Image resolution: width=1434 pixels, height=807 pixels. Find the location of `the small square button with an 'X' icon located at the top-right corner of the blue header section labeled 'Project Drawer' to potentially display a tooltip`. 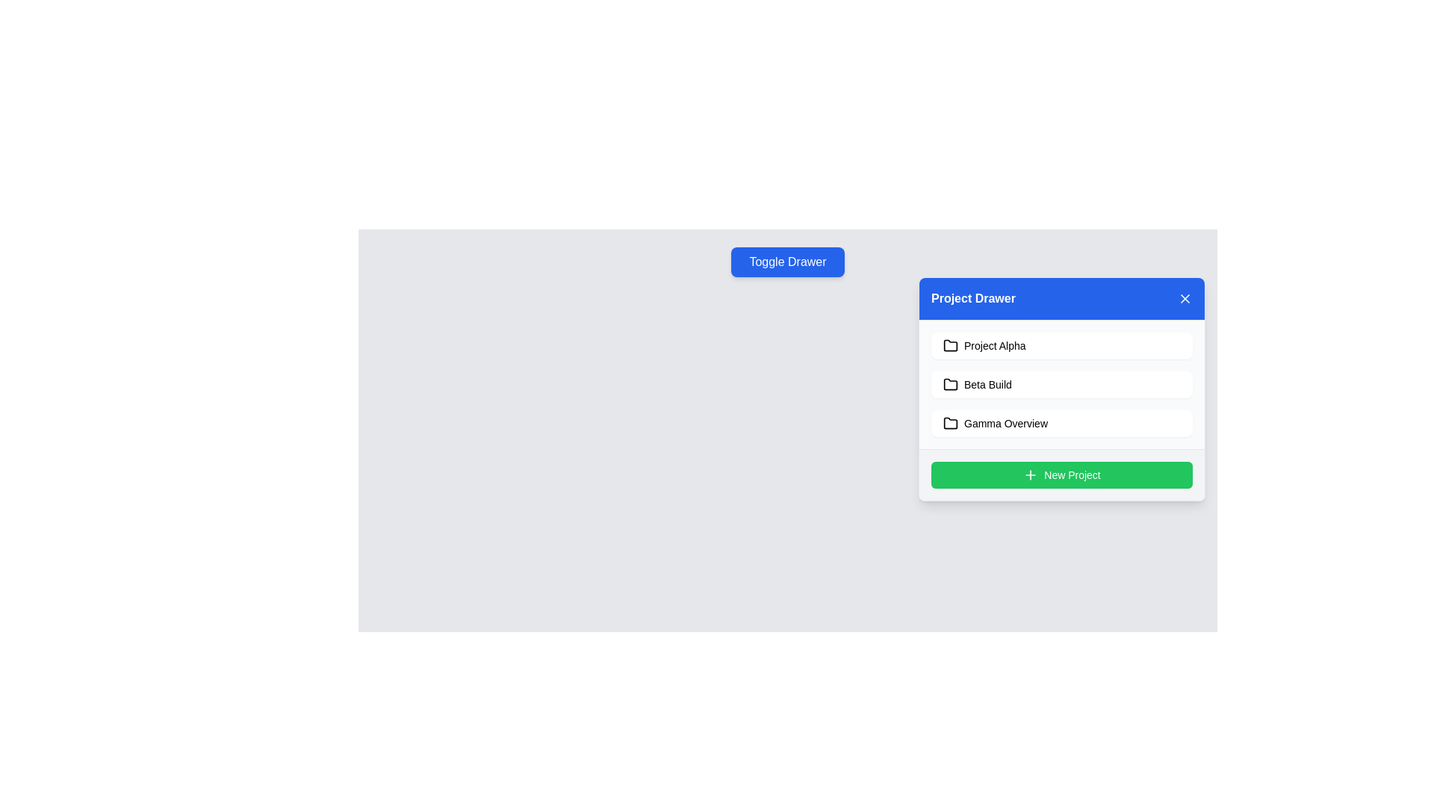

the small square button with an 'X' icon located at the top-right corner of the blue header section labeled 'Project Drawer' to potentially display a tooltip is located at coordinates (1185, 299).